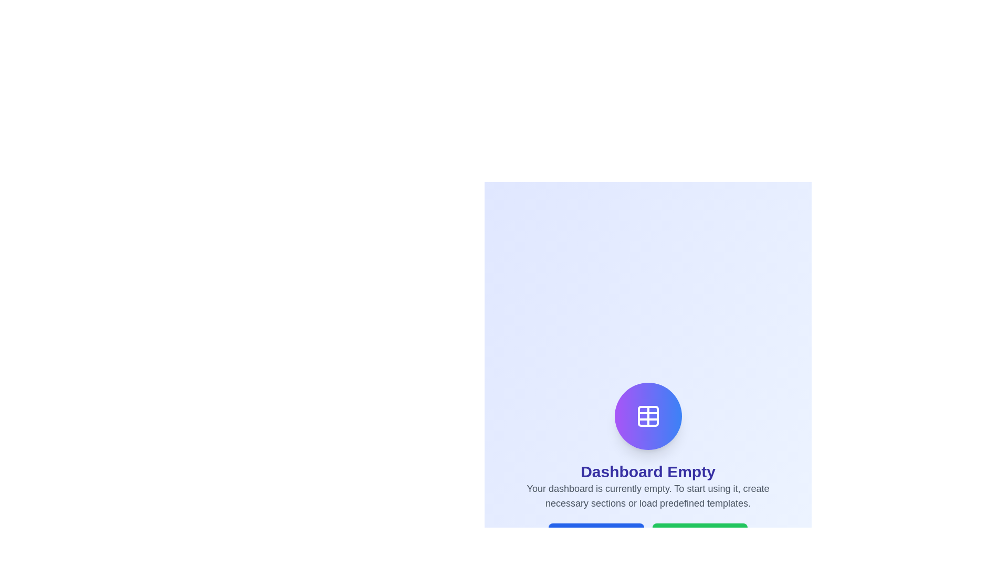 The width and height of the screenshot is (1008, 567). Describe the element at coordinates (647, 471) in the screenshot. I see `text label that displays 'Dashboard Empty', which is prominently positioned within the dashboard interface` at that location.